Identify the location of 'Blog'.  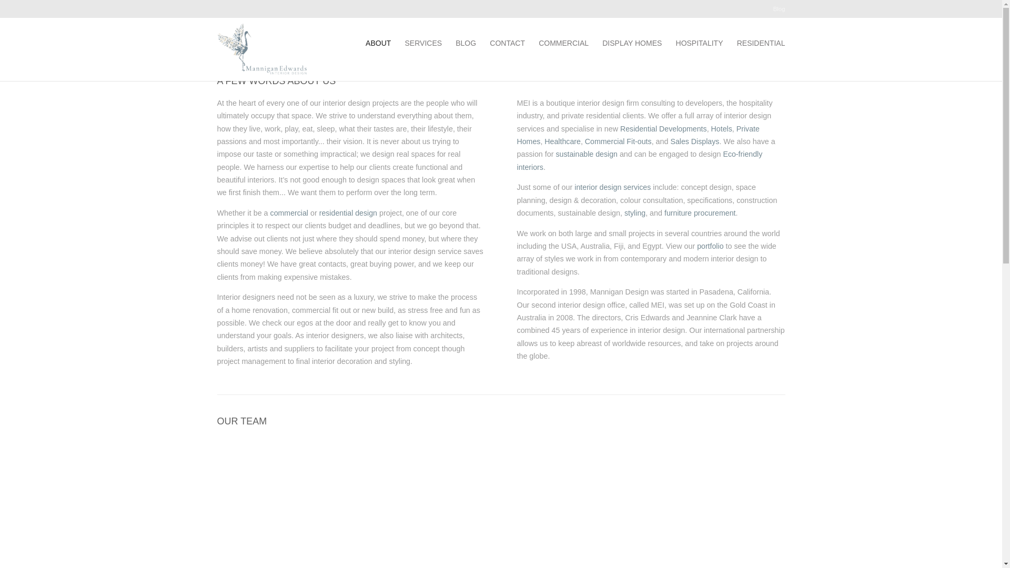
(779, 12).